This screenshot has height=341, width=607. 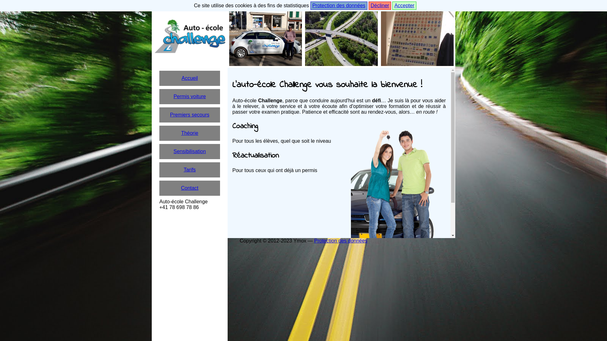 What do you see at coordinates (189, 169) in the screenshot?
I see `'Tarifs'` at bounding box center [189, 169].